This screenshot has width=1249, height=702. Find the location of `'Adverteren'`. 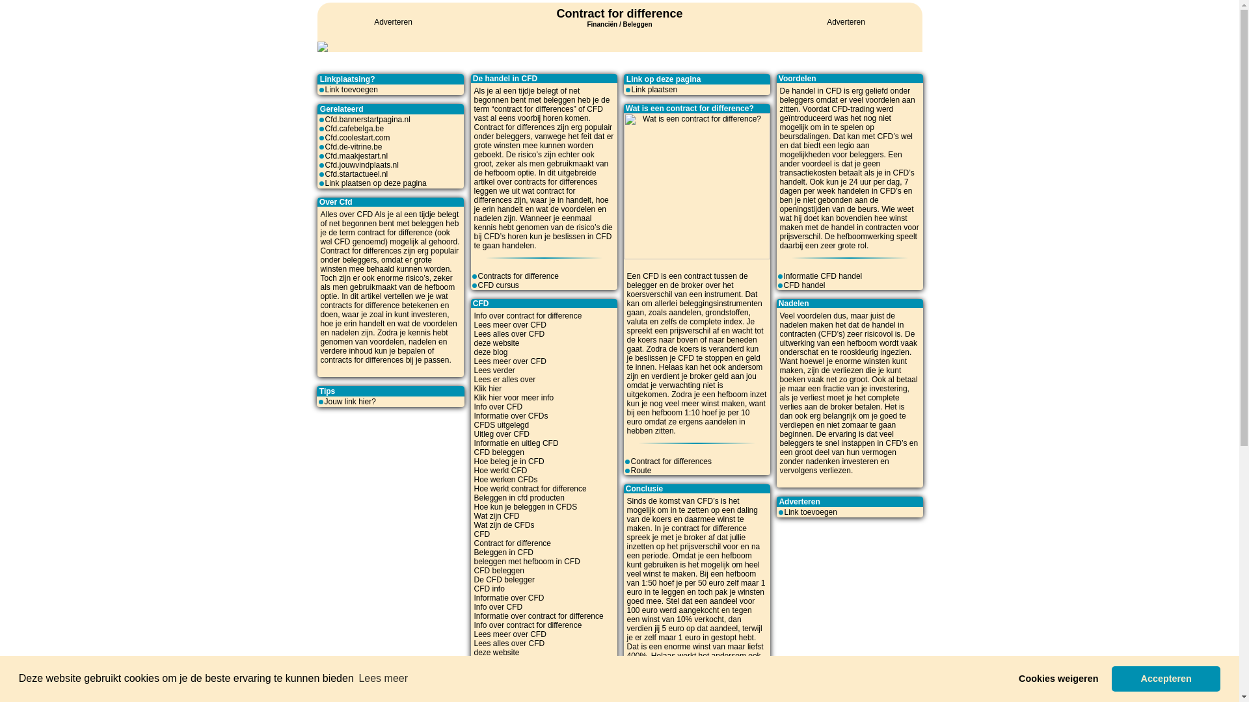

'Adverteren' is located at coordinates (846, 22).